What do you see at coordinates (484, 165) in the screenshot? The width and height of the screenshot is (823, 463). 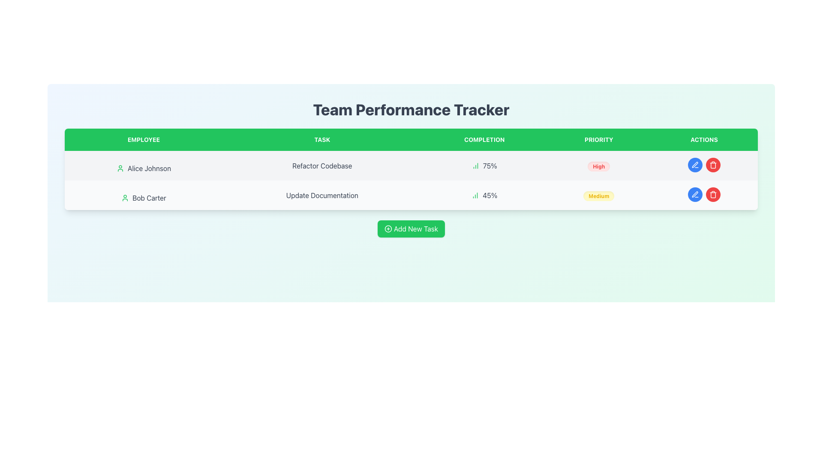 I see `the completion percentage label in the 'Team Performance Tracker' table, located in the third column of the first row beneath the 'Completion' header` at bounding box center [484, 165].